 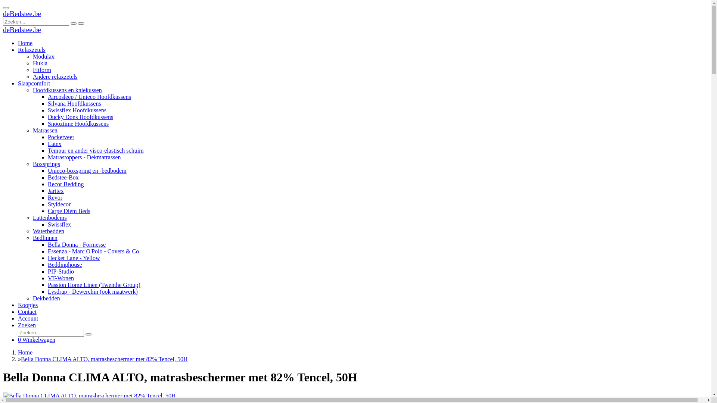 What do you see at coordinates (94, 285) in the screenshot?
I see `'Passion Home Linen (Twenthe Group)'` at bounding box center [94, 285].